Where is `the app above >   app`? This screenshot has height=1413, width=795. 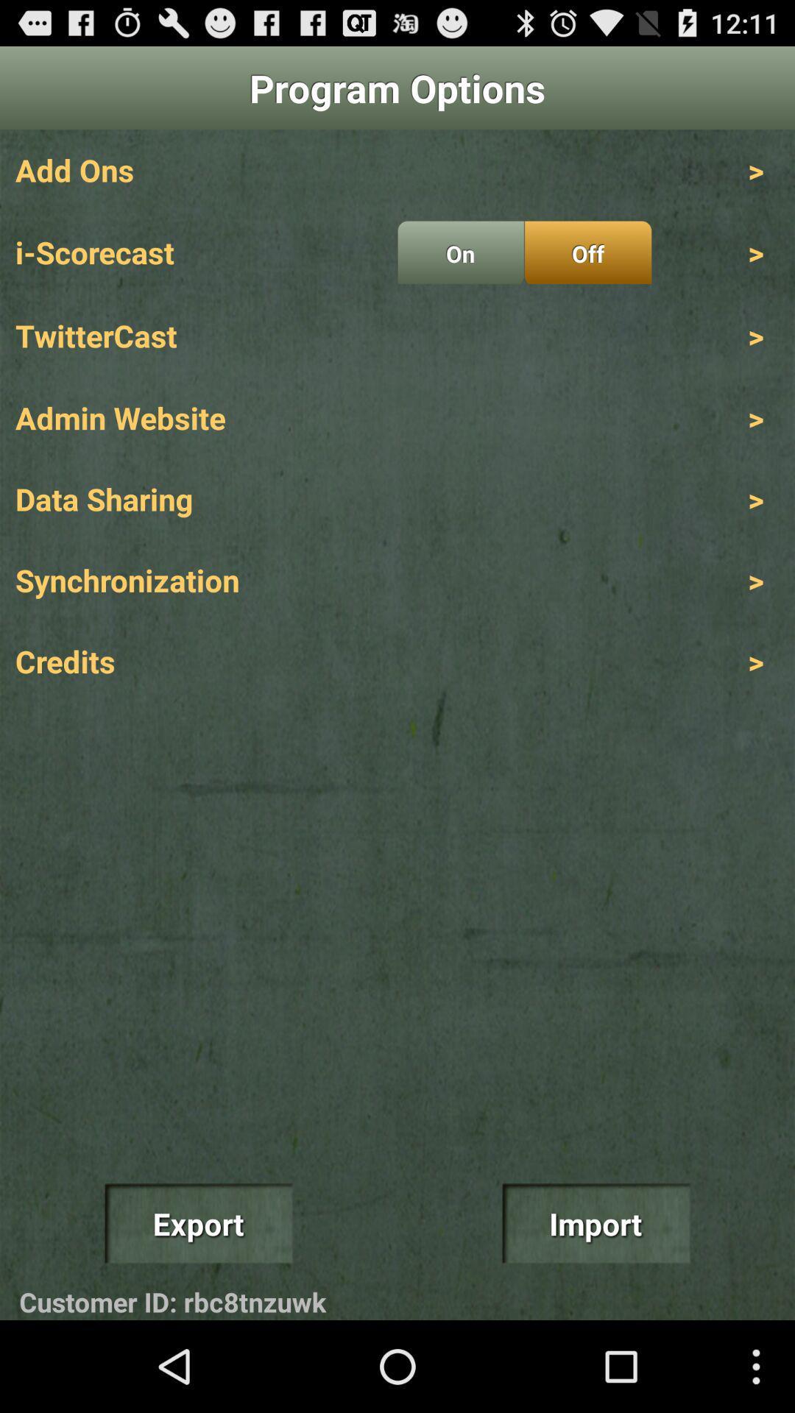
the app above >   app is located at coordinates (587, 252).